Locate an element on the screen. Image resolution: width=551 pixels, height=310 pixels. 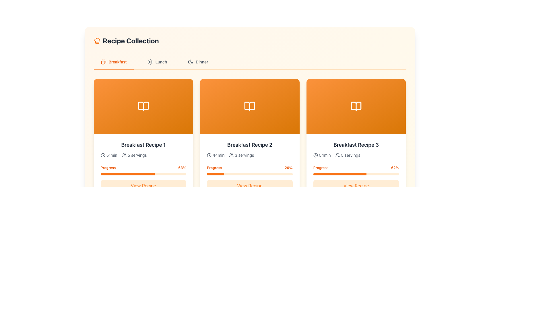
the clock icon representing the preparation time of '54 minutes' for 'Breakfast Recipe 3', located to the left of the text '54min' in the third recipe card is located at coordinates (315, 155).